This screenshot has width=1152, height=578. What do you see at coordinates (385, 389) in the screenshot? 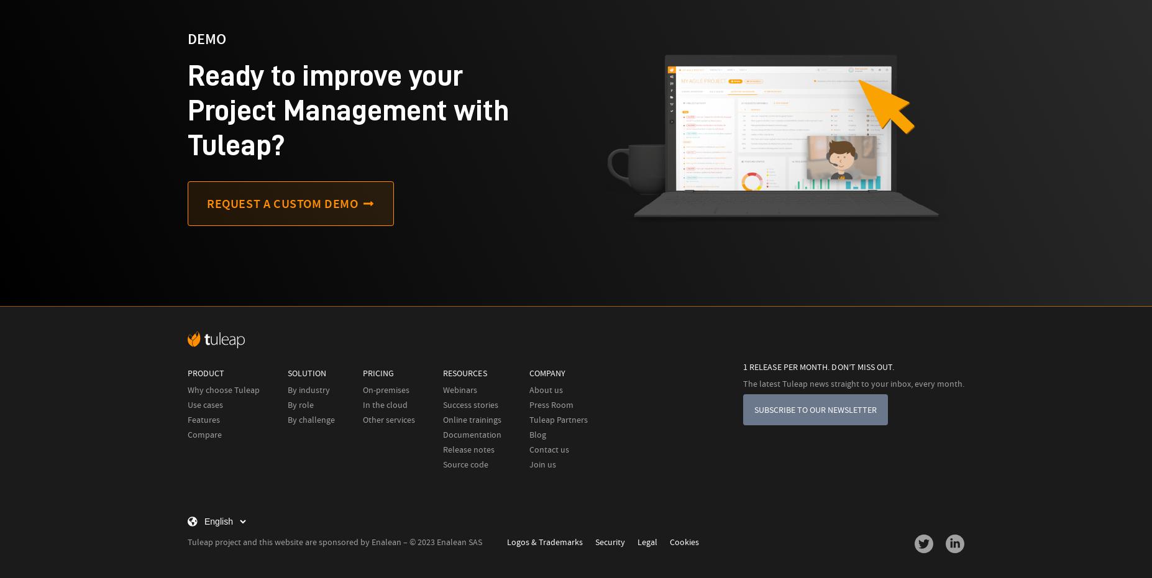
I see `'On-premises'` at bounding box center [385, 389].